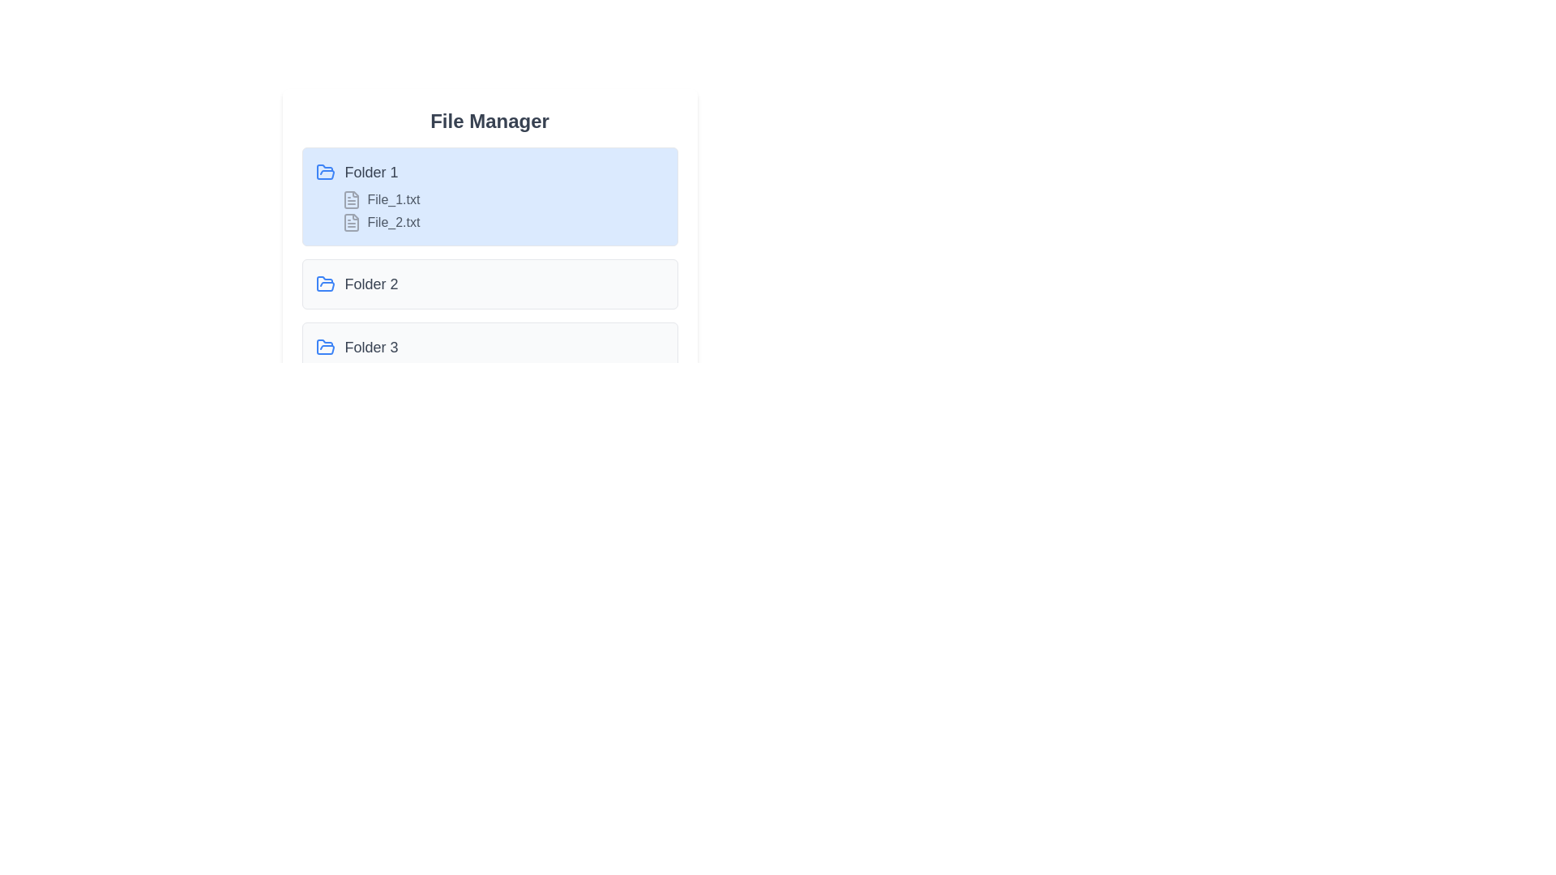  I want to click on the blue folder icon located at the leftmost position, so click(324, 284).